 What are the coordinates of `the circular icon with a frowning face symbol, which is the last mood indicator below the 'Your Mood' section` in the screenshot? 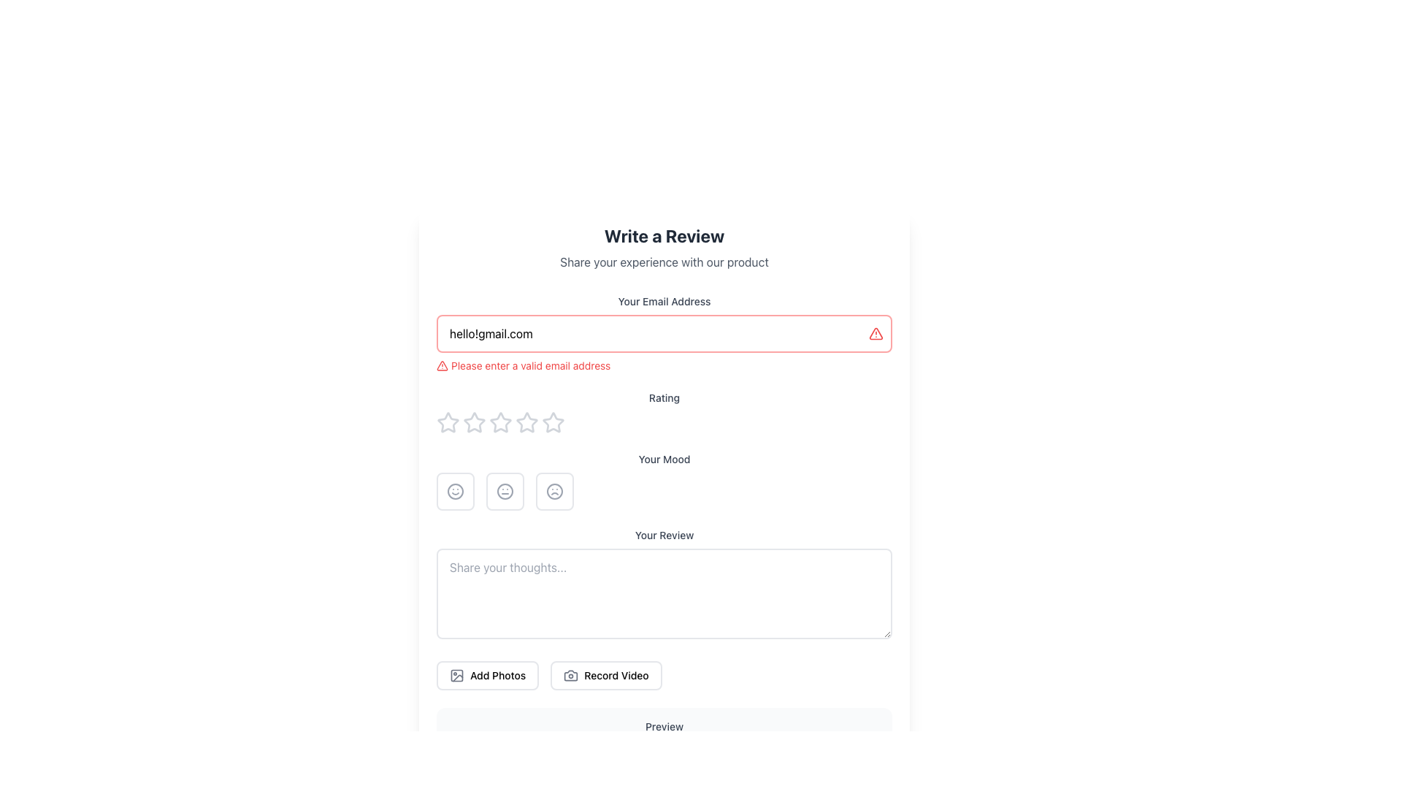 It's located at (553, 491).